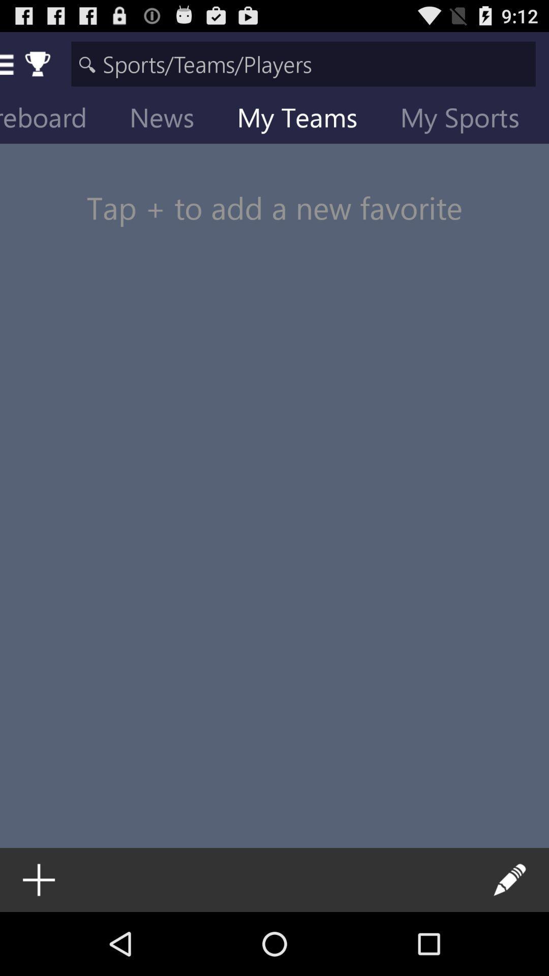 This screenshot has width=549, height=976. I want to click on the item above the tap to add icon, so click(304, 119).